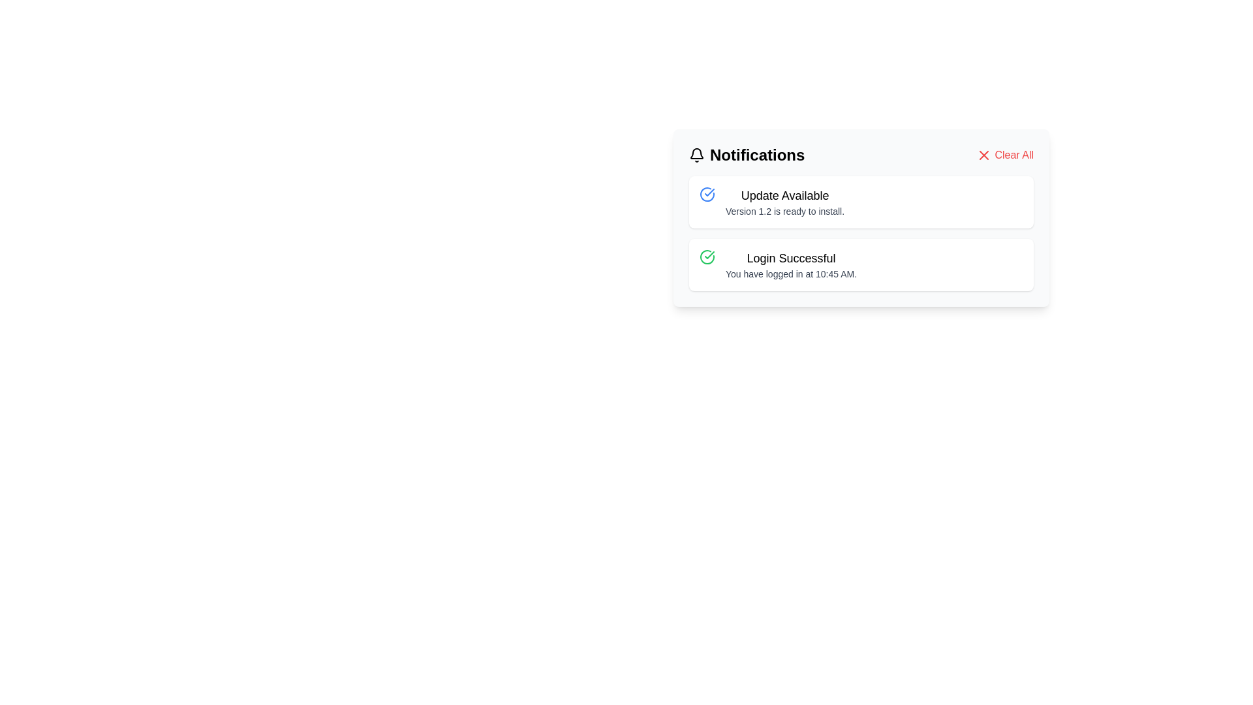  Describe the element at coordinates (784, 196) in the screenshot. I see `the 'Update Available' text label located at the top of the notification card, which is emphasized in a medium-sized bold font` at that location.